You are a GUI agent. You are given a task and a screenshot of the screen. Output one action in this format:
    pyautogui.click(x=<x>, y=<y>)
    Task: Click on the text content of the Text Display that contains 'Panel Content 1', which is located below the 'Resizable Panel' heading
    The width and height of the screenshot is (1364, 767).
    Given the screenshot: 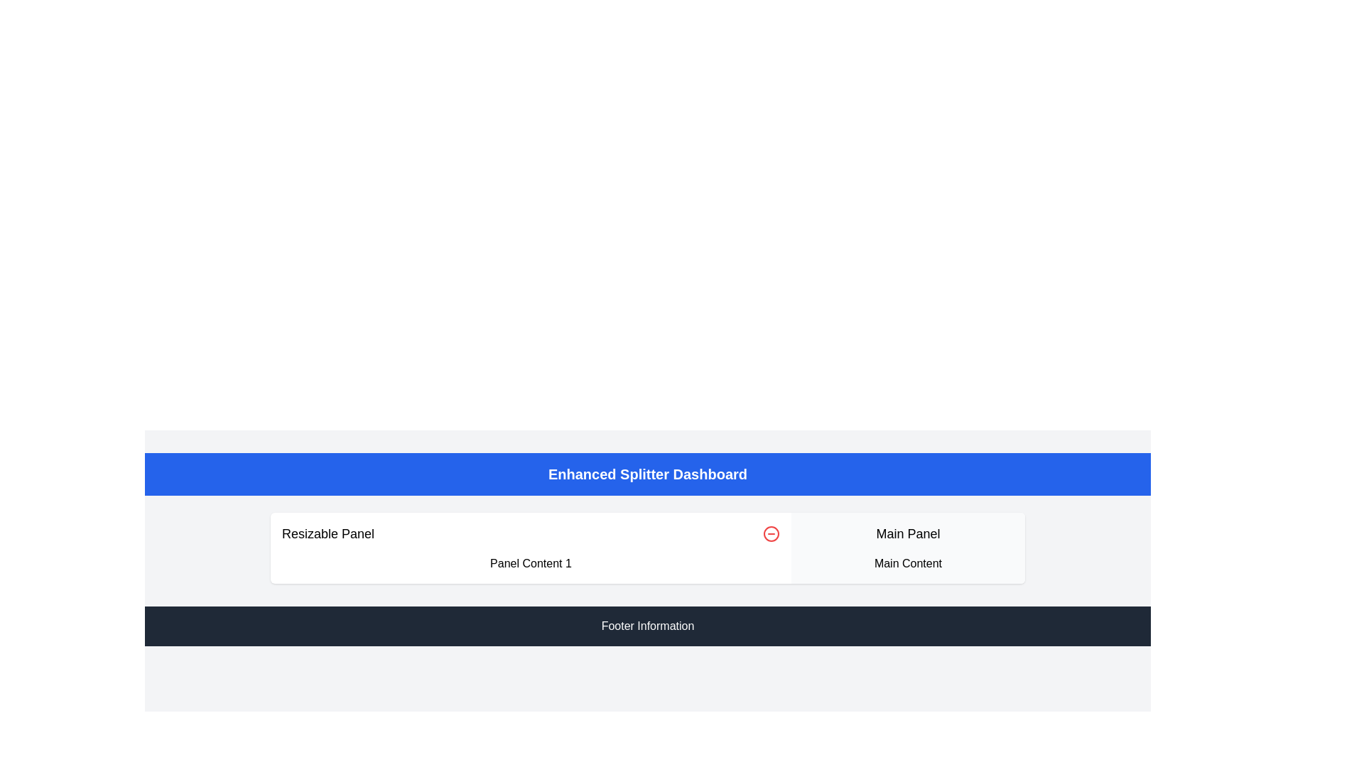 What is the action you would take?
    pyautogui.click(x=530, y=563)
    